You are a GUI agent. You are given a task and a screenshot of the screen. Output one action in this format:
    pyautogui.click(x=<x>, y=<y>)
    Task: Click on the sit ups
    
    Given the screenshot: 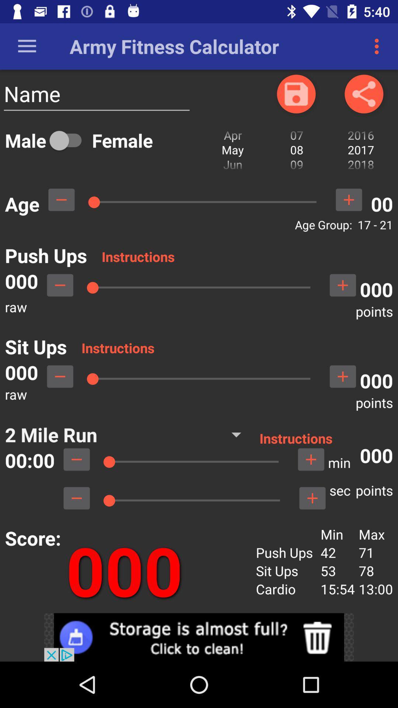 What is the action you would take?
    pyautogui.click(x=60, y=376)
    